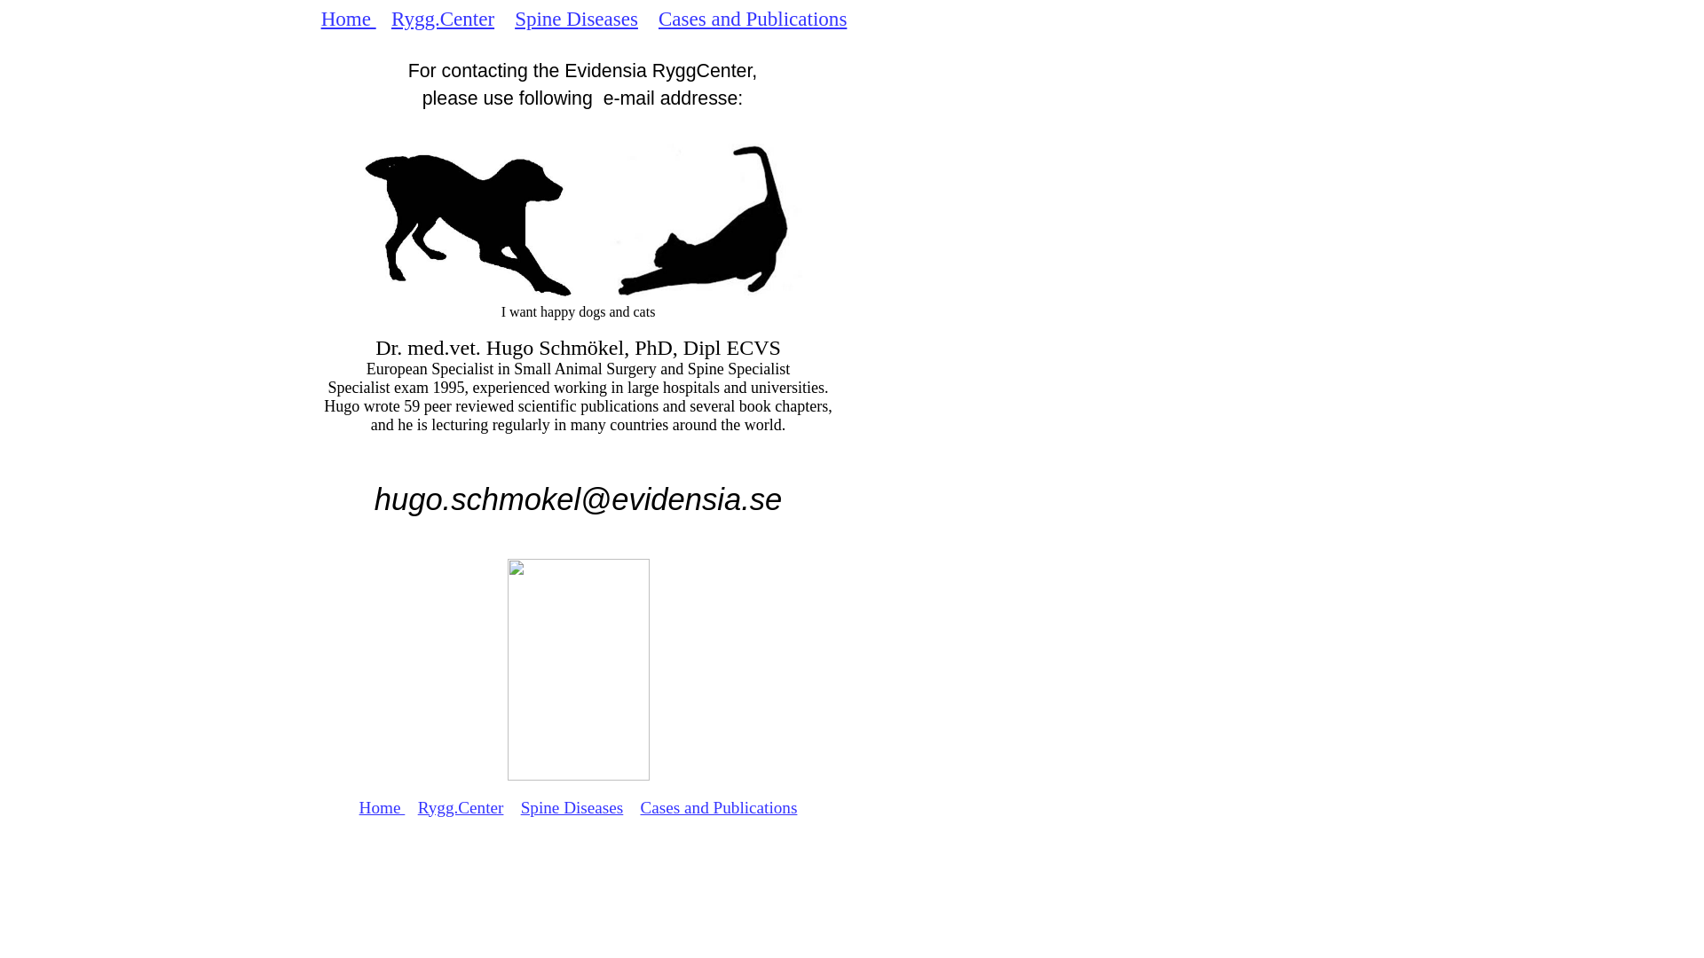 This screenshot has height=958, width=1704. What do you see at coordinates (416, 807) in the screenshot?
I see `'Rygg.Center'` at bounding box center [416, 807].